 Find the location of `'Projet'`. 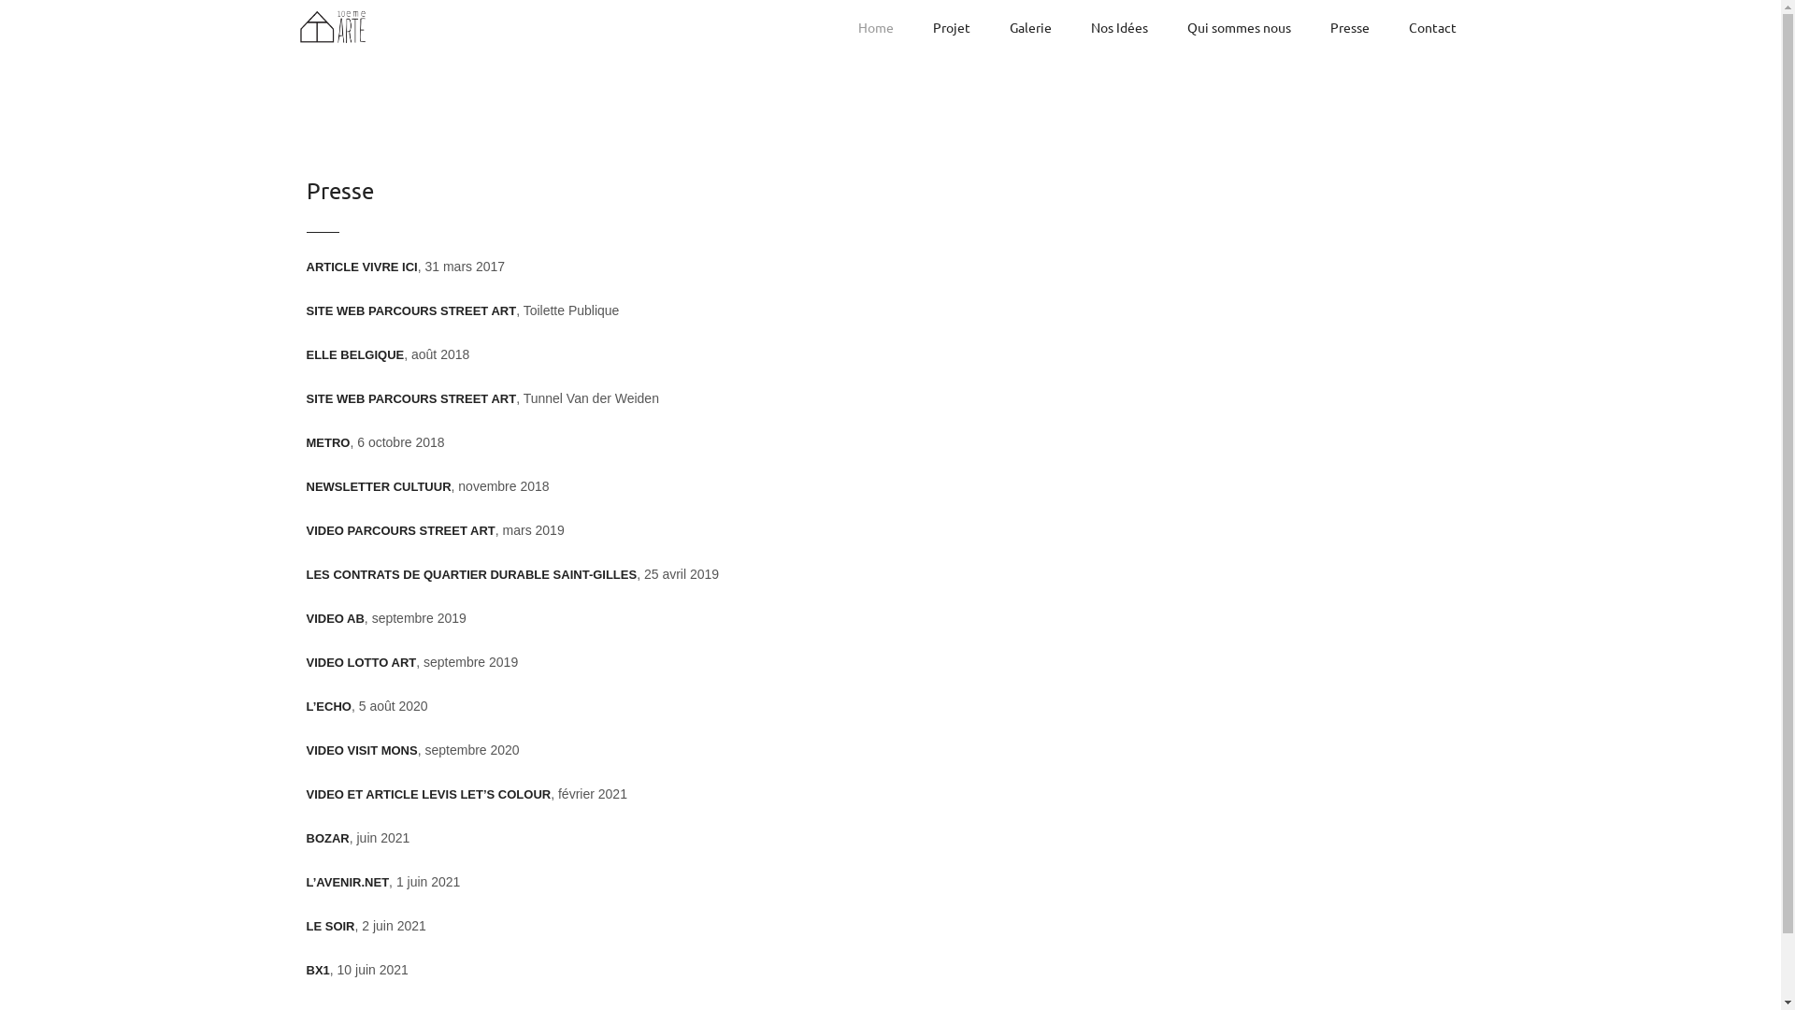

'Projet' is located at coordinates (951, 27).